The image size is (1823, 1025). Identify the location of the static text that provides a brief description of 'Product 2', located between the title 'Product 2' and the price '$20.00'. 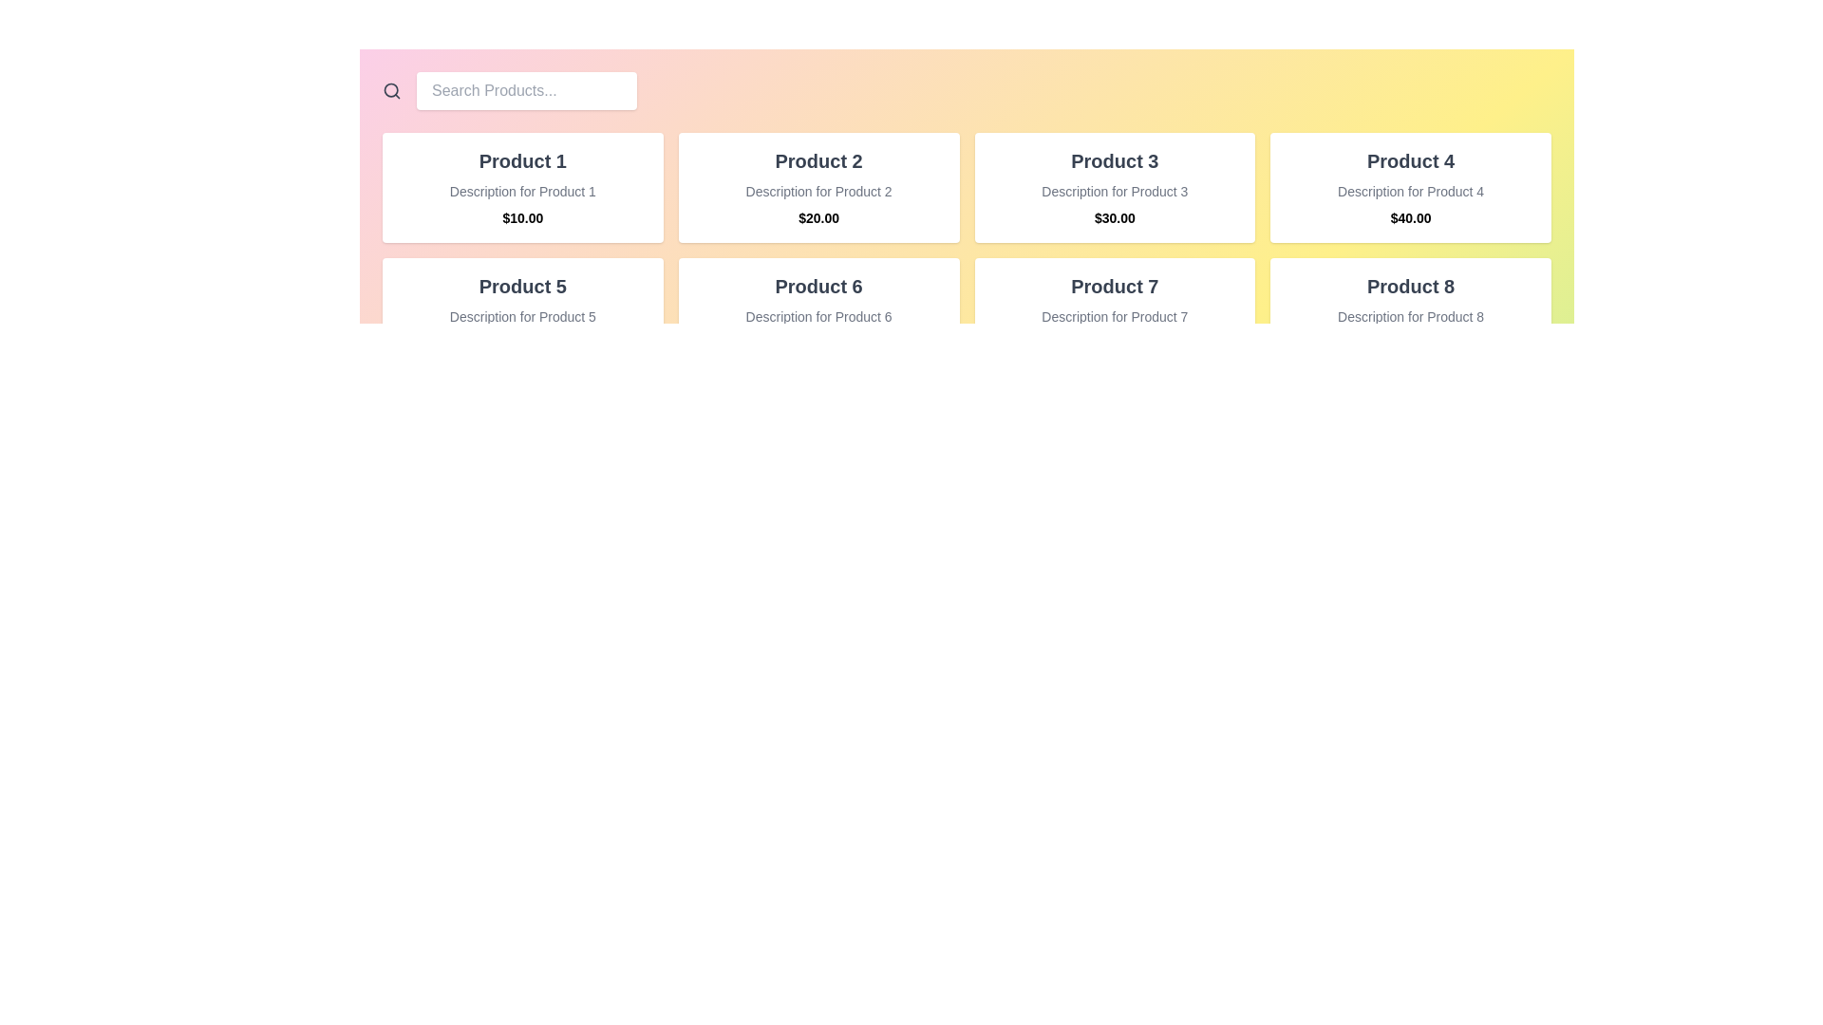
(818, 191).